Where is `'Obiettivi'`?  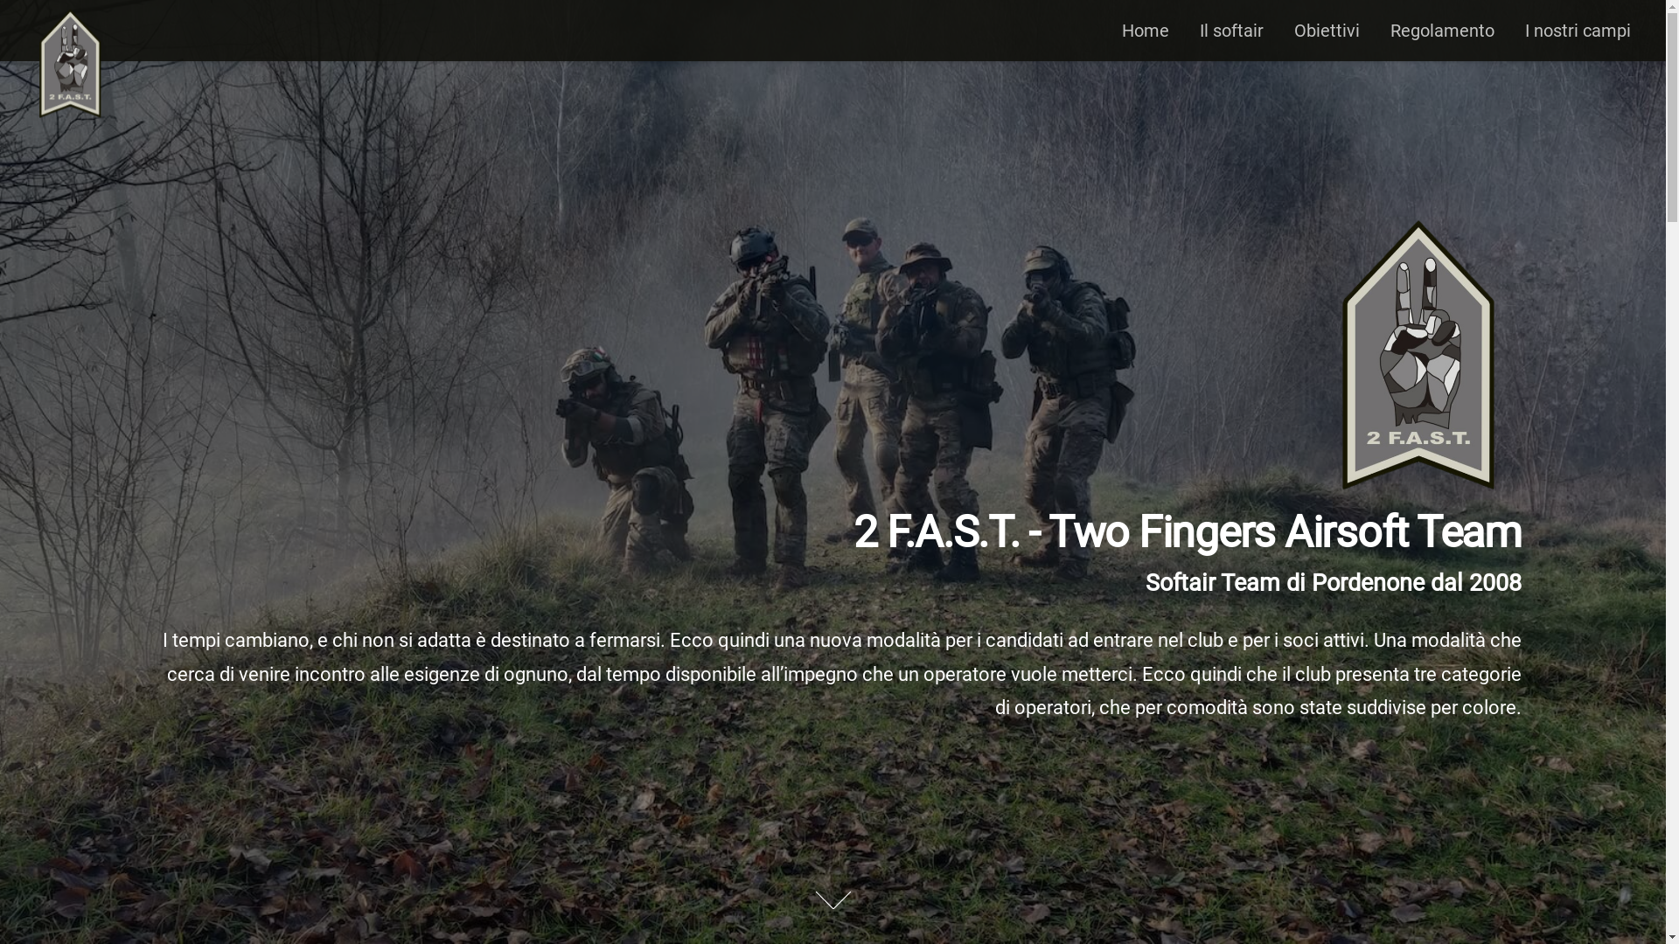 'Obiettivi' is located at coordinates (1293, 30).